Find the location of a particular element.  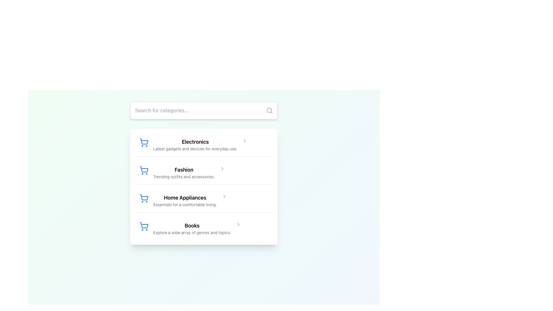

the shopping cart icon located to the left of the 'Fashion' item in the list, which signifies an action related to commerce is located at coordinates (144, 169).